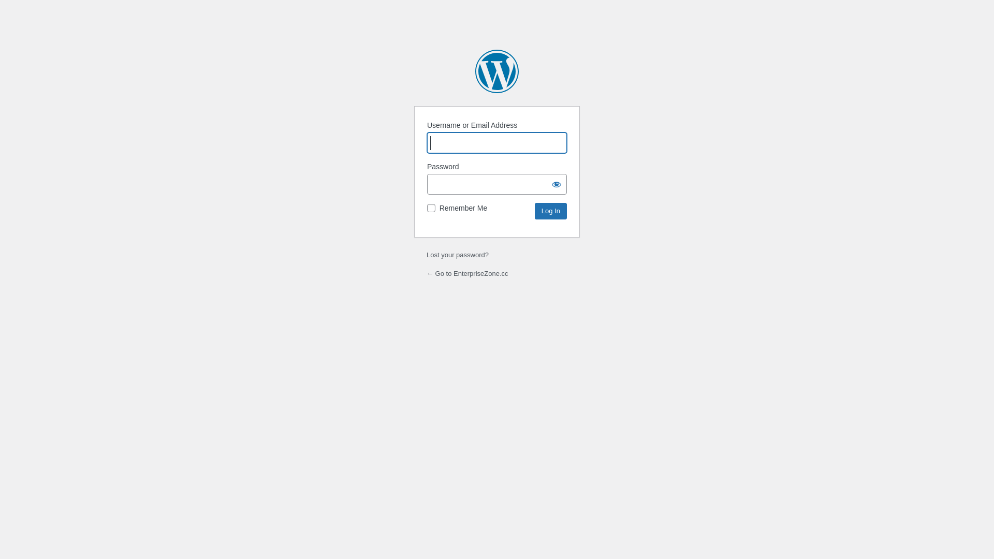 The height and width of the screenshot is (559, 994). Describe the element at coordinates (497, 71) in the screenshot. I see `'Powered by WordPress'` at that location.